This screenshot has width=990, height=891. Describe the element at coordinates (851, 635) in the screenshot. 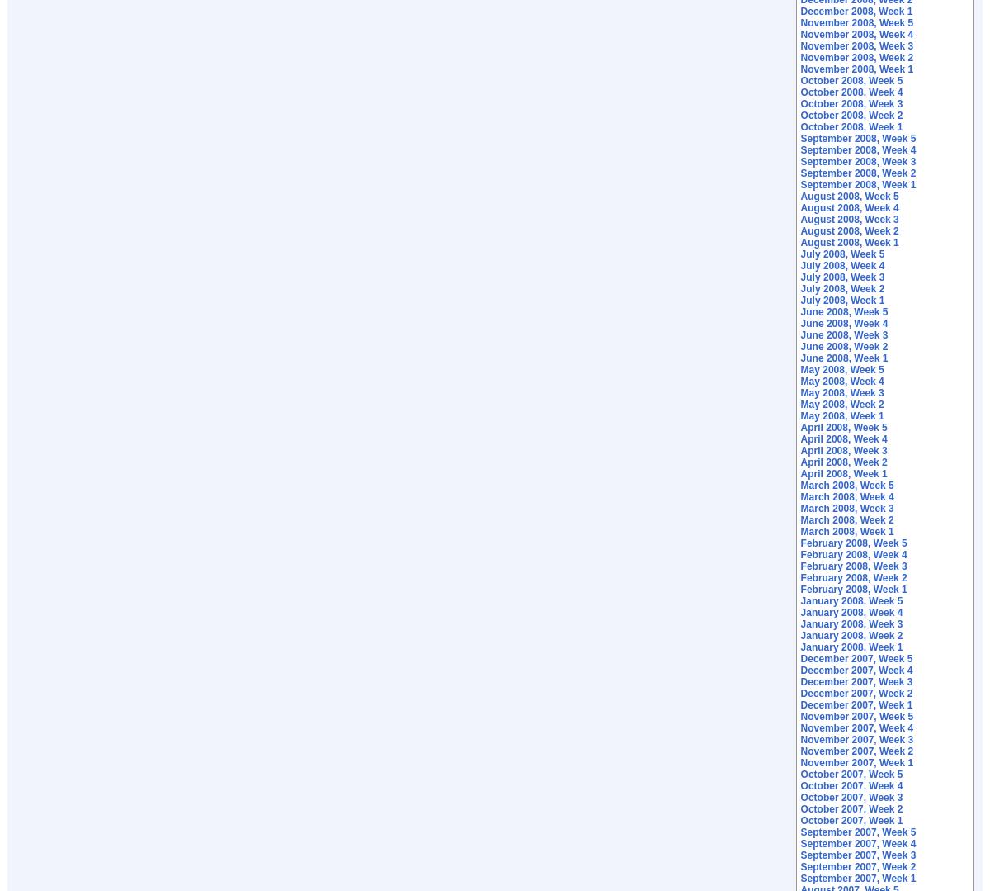

I see `'January 2008, Week 2'` at that location.